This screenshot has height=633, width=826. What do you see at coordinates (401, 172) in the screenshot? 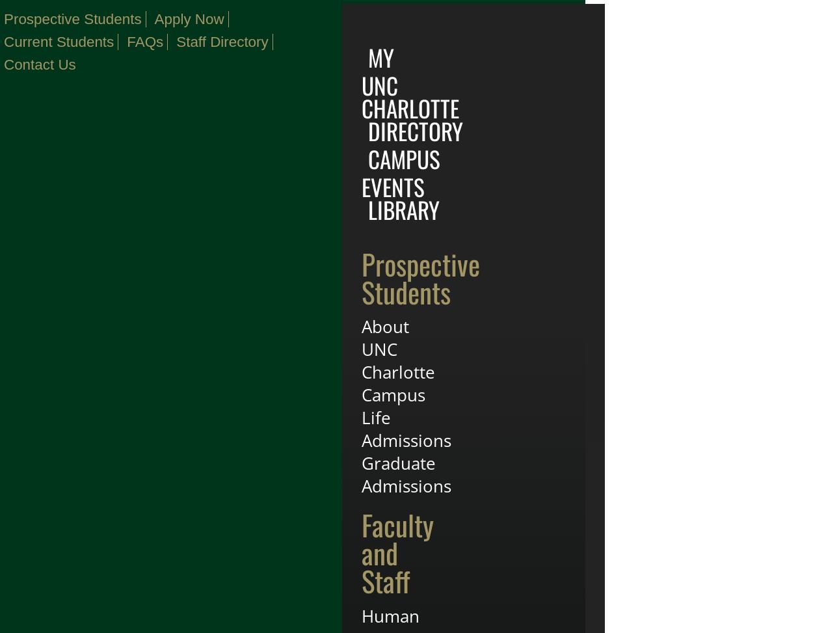
I see `'Campus
                      Events'` at bounding box center [401, 172].